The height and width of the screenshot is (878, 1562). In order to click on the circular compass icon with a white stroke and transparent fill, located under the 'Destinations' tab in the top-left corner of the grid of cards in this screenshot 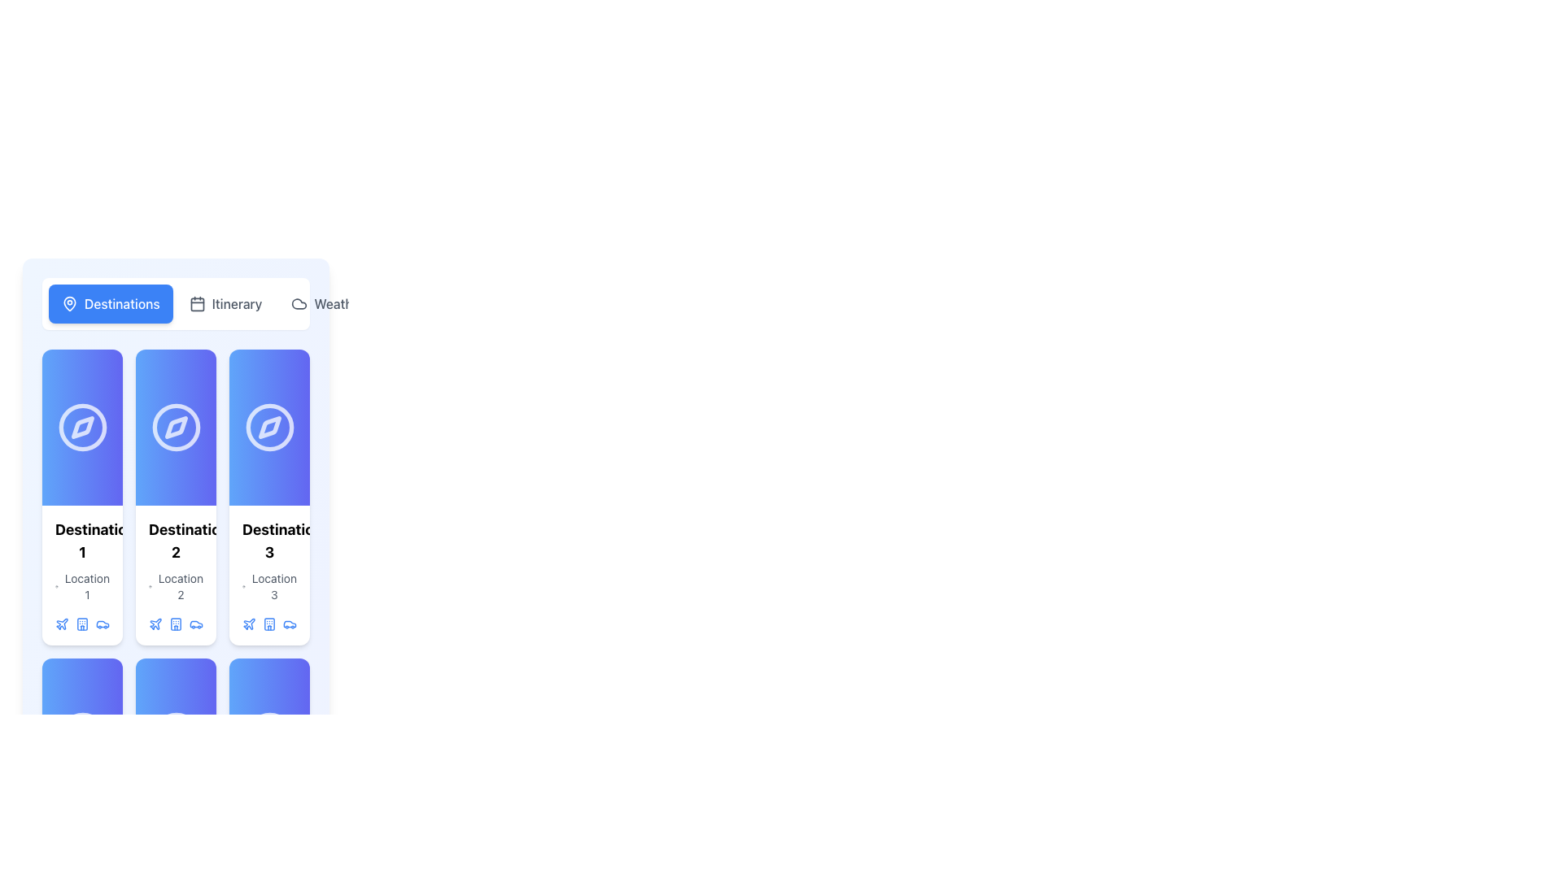, I will do `click(81, 426)`.